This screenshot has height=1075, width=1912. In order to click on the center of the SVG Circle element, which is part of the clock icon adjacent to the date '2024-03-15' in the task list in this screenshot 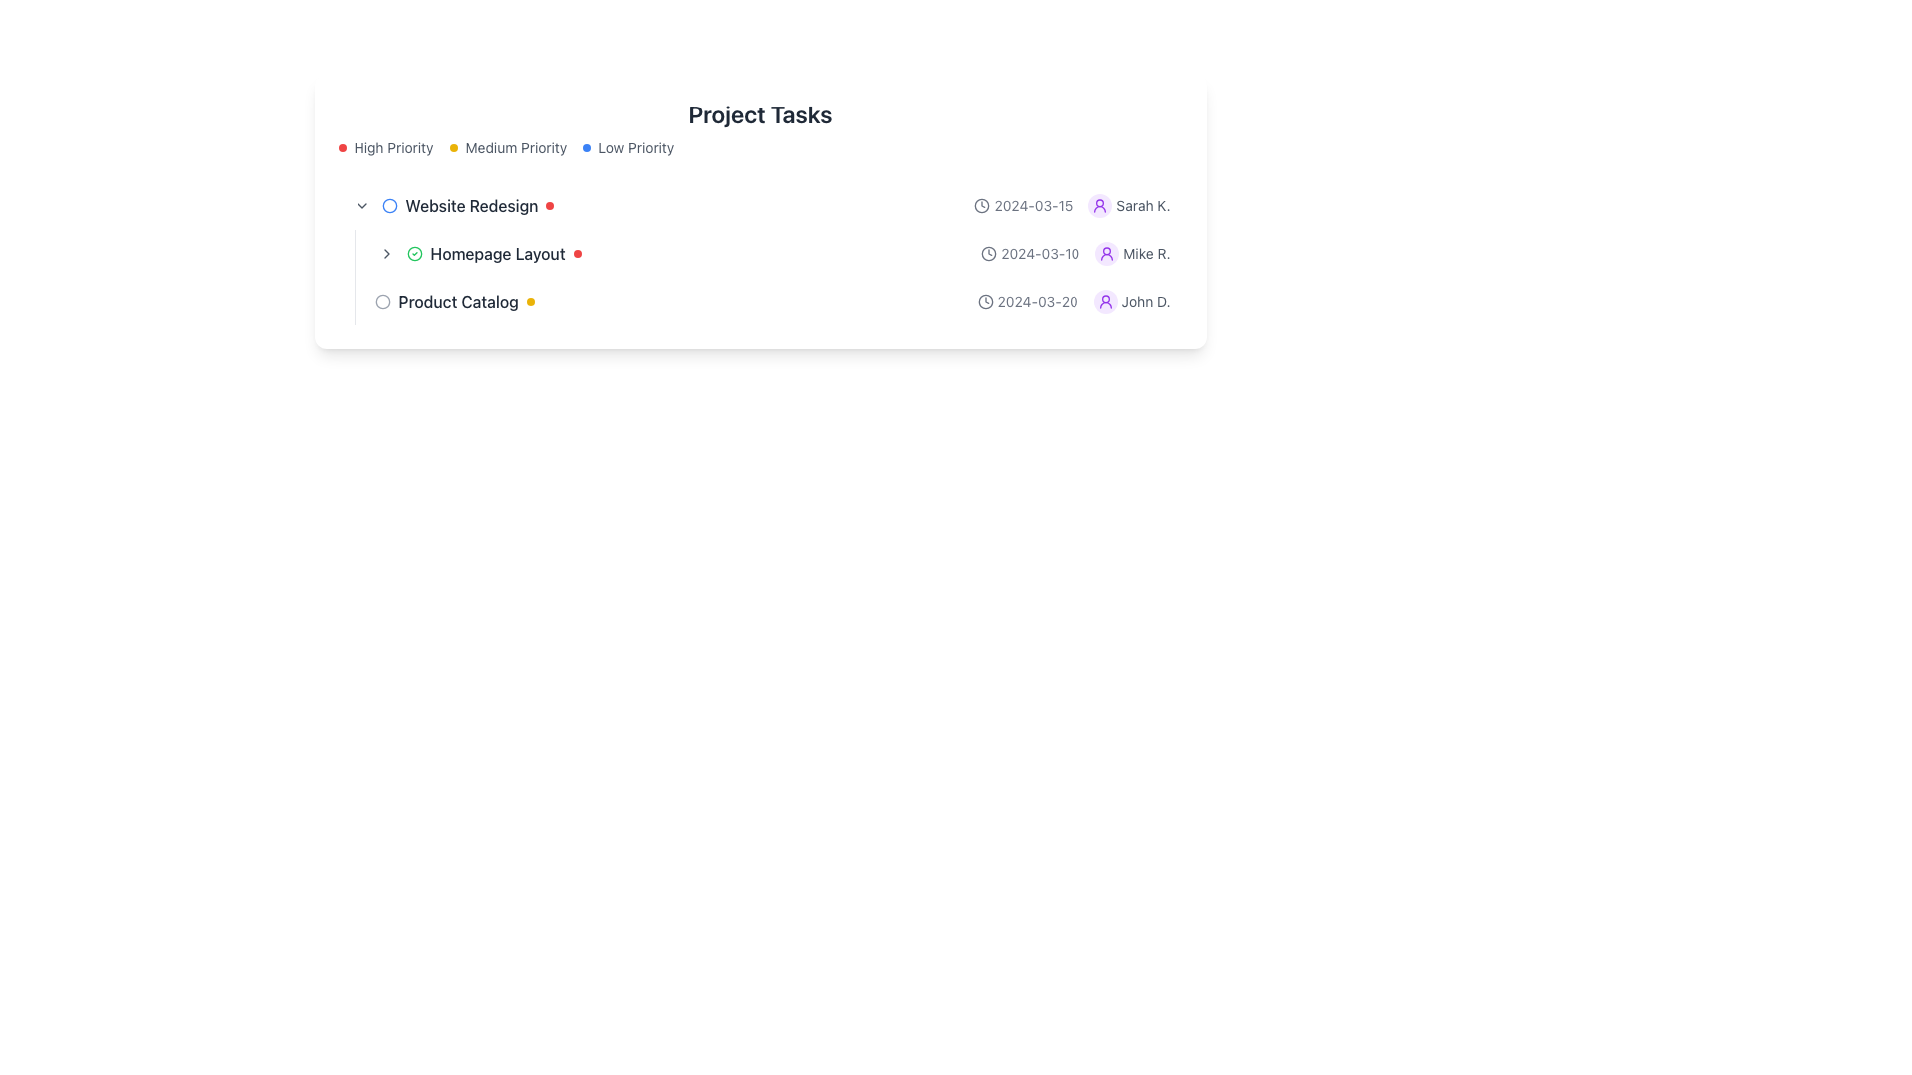, I will do `click(982, 206)`.